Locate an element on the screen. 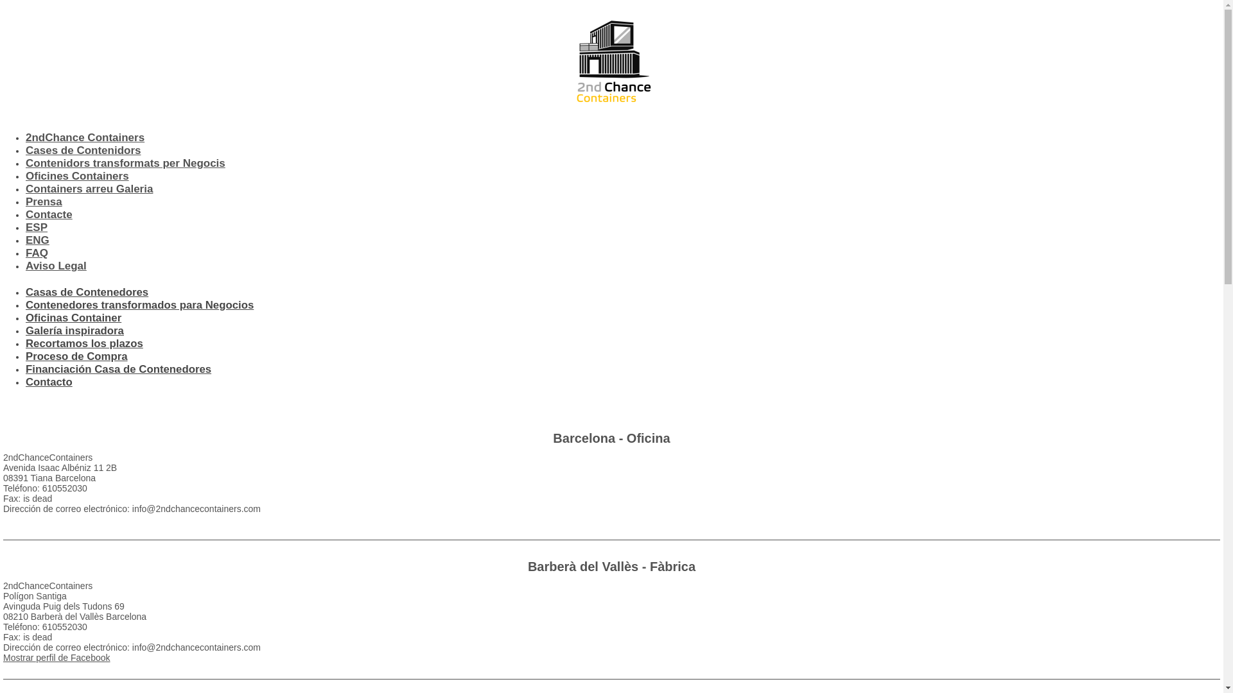 The width and height of the screenshot is (1233, 693). 'Contacto' is located at coordinates (25, 381).